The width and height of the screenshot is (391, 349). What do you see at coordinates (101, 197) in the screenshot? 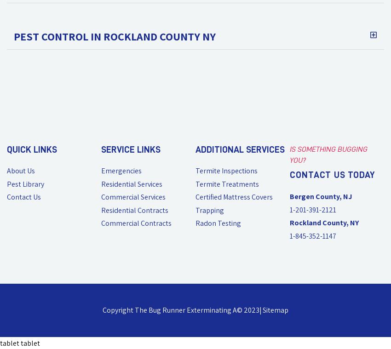
I see `'Commercial Services'` at bounding box center [101, 197].